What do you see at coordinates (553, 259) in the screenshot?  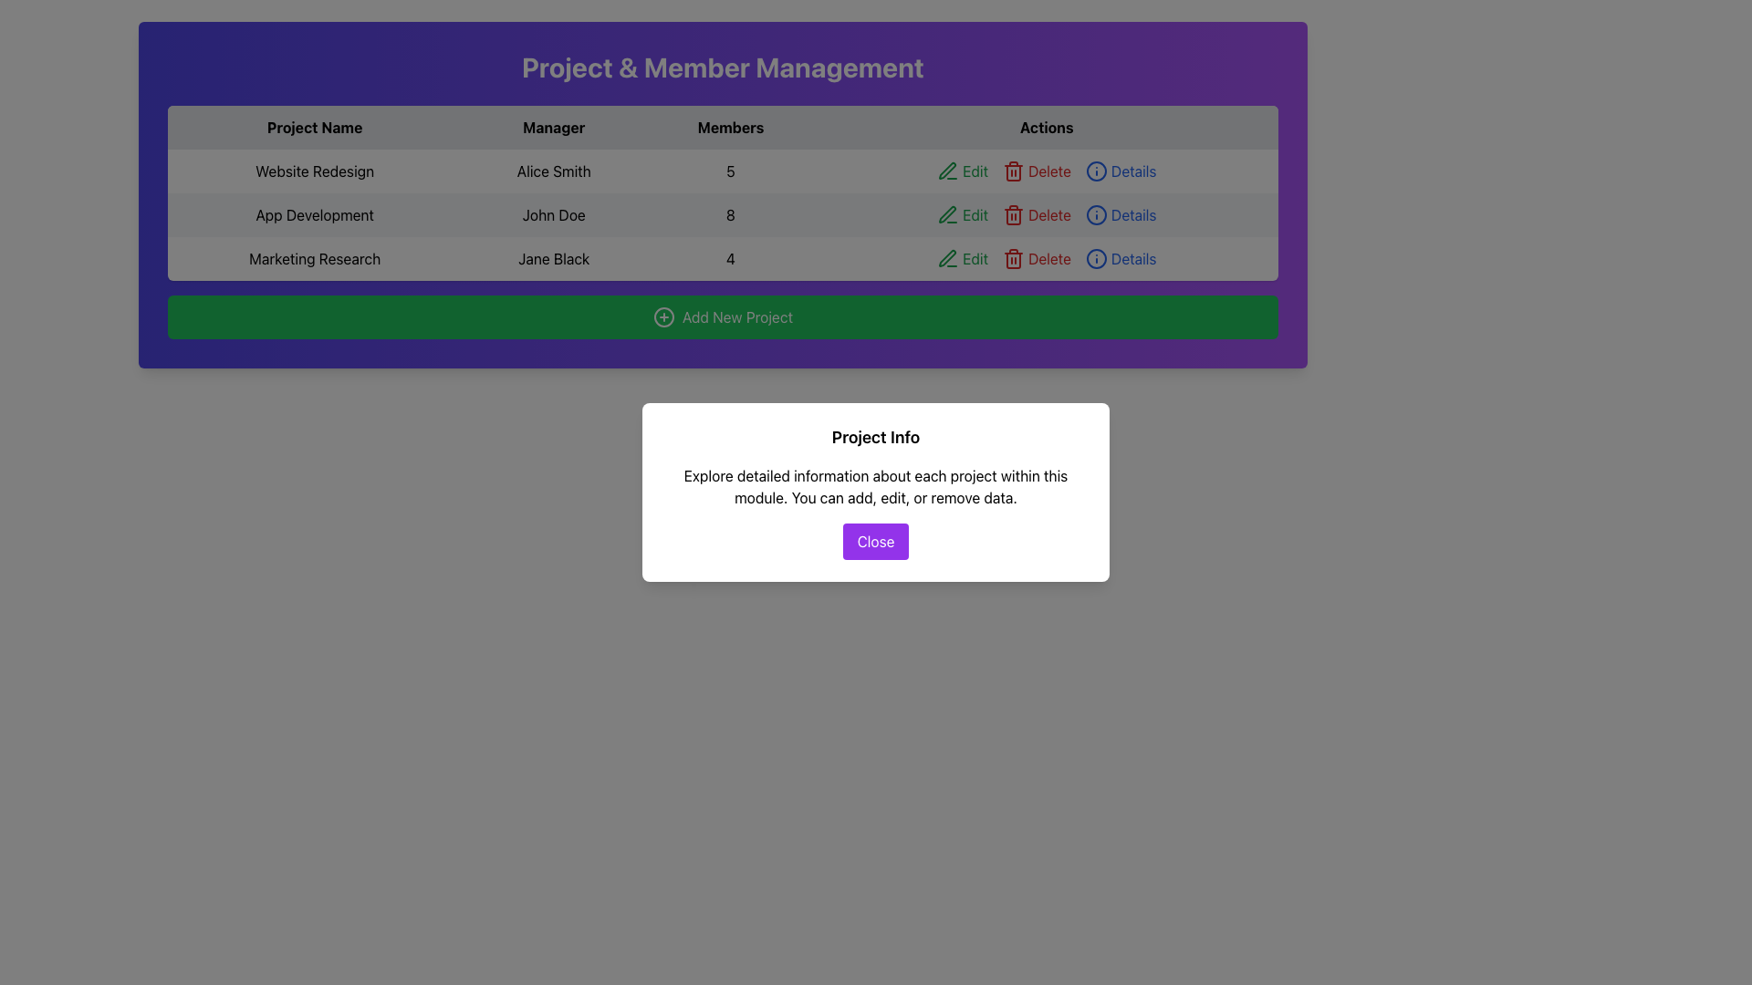 I see `the 'Manager' label for the 'Marketing Research' project, which is located in the third row of the table layout between 'Marketing Research' and '4'` at bounding box center [553, 259].